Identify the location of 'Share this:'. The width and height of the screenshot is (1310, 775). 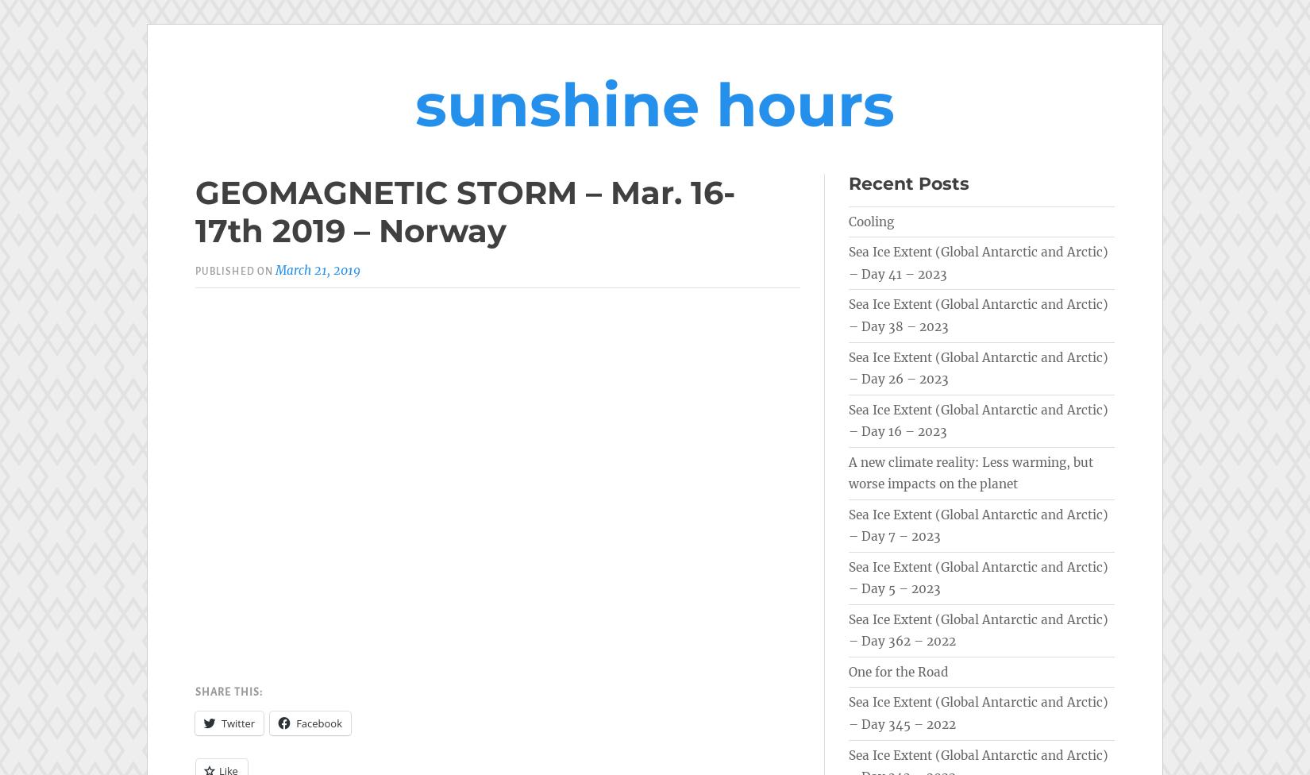
(229, 691).